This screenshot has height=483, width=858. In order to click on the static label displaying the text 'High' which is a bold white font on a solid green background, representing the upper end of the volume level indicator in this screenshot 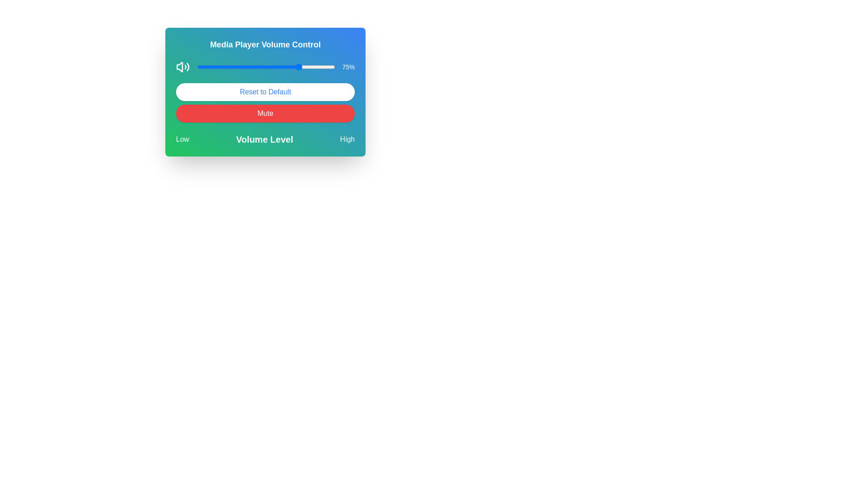, I will do `click(347, 140)`.